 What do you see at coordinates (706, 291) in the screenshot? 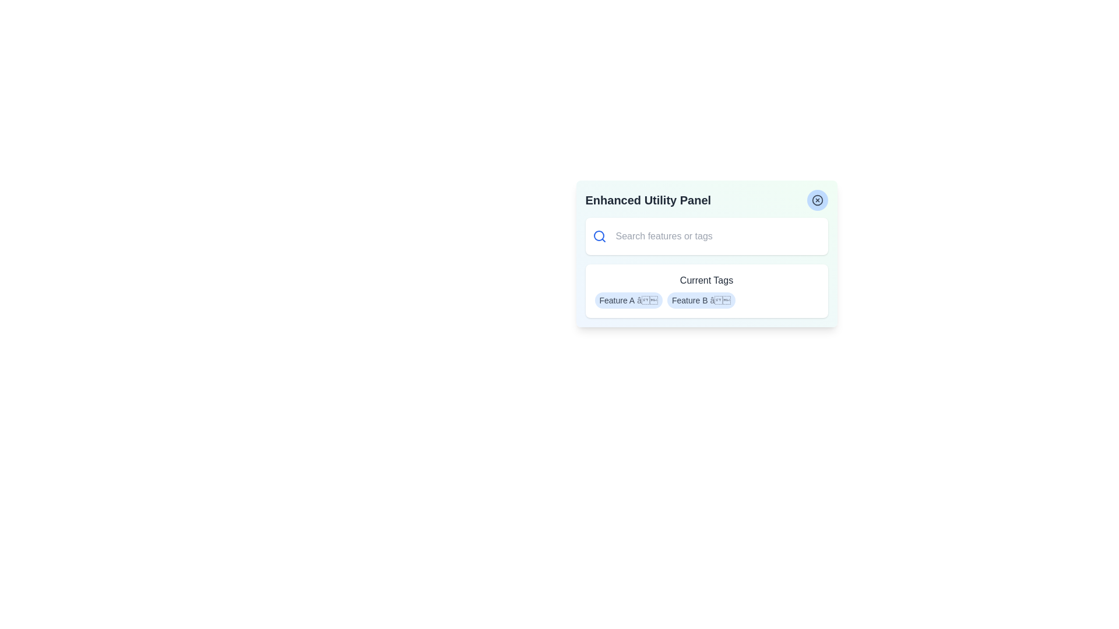
I see `the selectable or removable tags labeled 'Feature A' and 'Feature B' located in the bottom section of the panel, directly below the search input box` at bounding box center [706, 291].